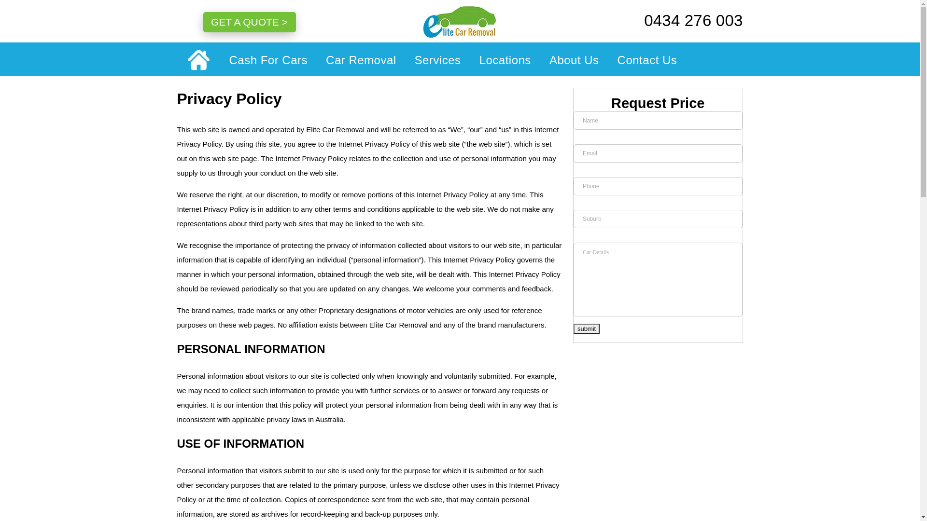  I want to click on 'Locations', so click(505, 59).